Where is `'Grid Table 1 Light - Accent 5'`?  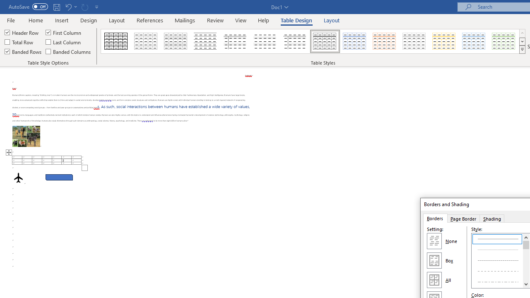
'Grid Table 1 Light - Accent 5' is located at coordinates (474, 41).